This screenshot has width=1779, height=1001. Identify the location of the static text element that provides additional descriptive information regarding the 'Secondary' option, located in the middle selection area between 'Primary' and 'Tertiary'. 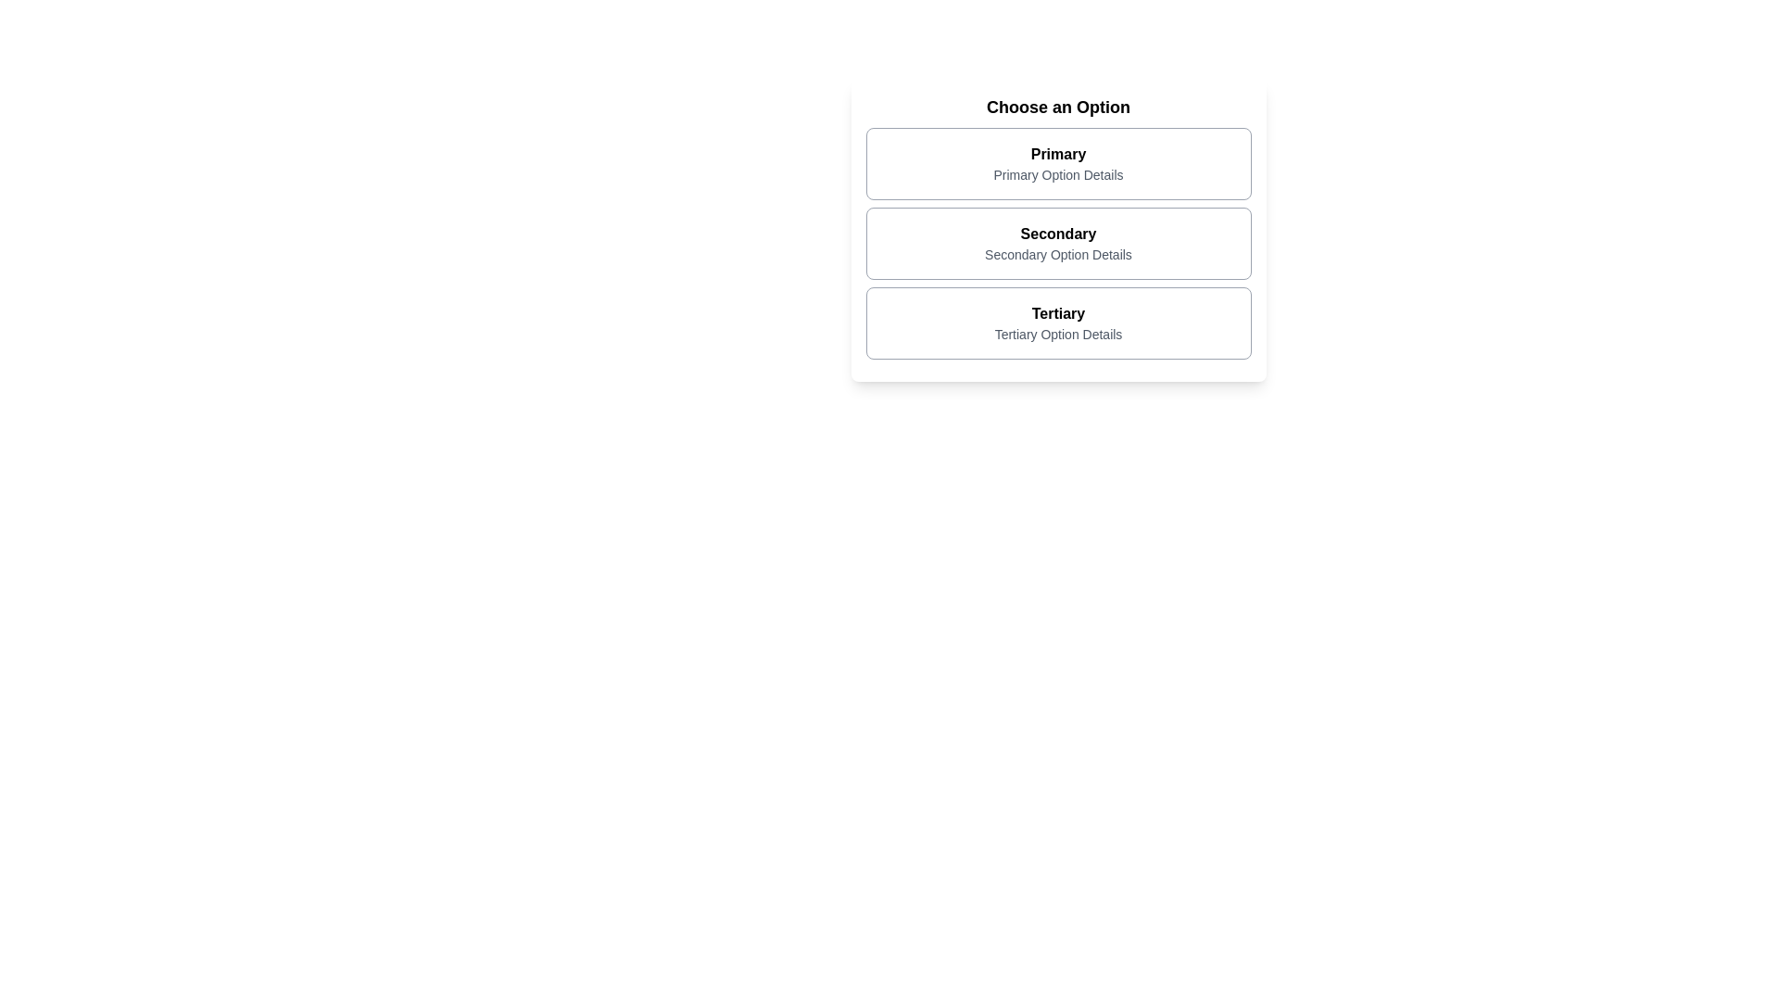
(1058, 254).